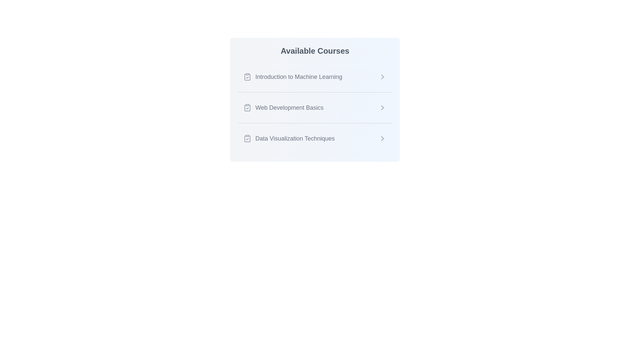 The image size is (636, 358). Describe the element at coordinates (314, 138) in the screenshot. I see `the button corresponding to the course Data Visualization Techniques to expand its details` at that location.